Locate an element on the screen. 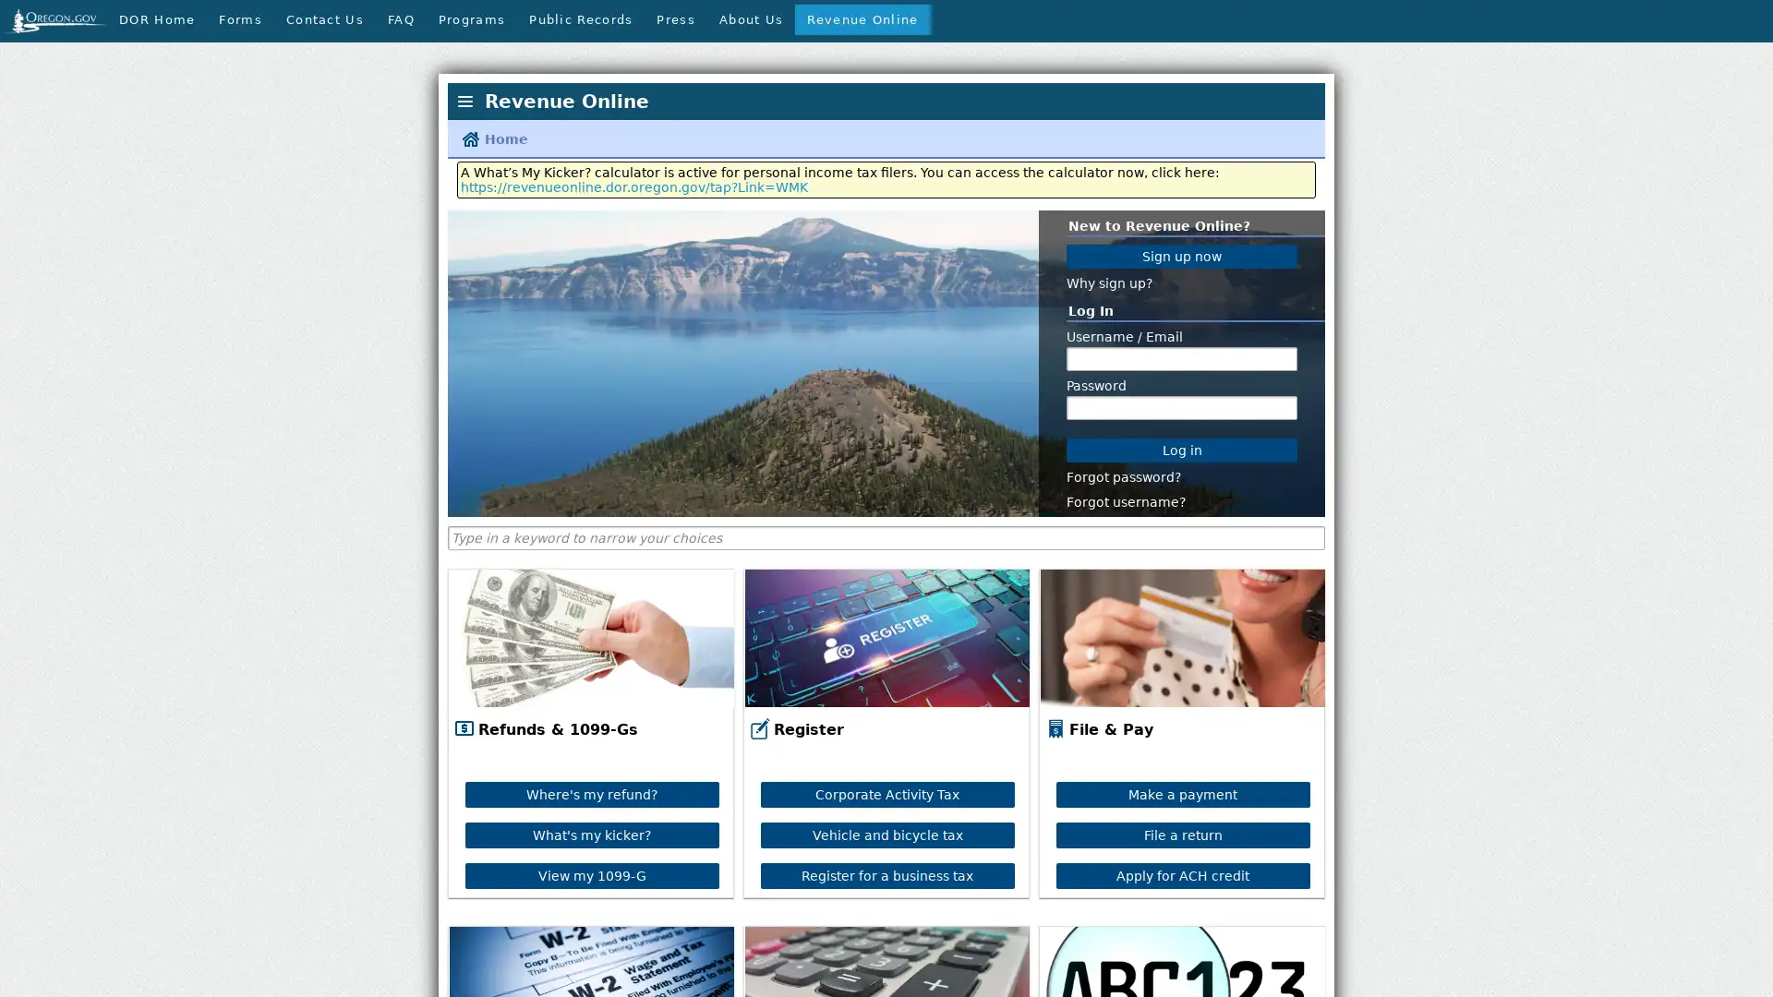 Image resolution: width=1773 pixels, height=997 pixels. Sign up now is located at coordinates (1182, 256).